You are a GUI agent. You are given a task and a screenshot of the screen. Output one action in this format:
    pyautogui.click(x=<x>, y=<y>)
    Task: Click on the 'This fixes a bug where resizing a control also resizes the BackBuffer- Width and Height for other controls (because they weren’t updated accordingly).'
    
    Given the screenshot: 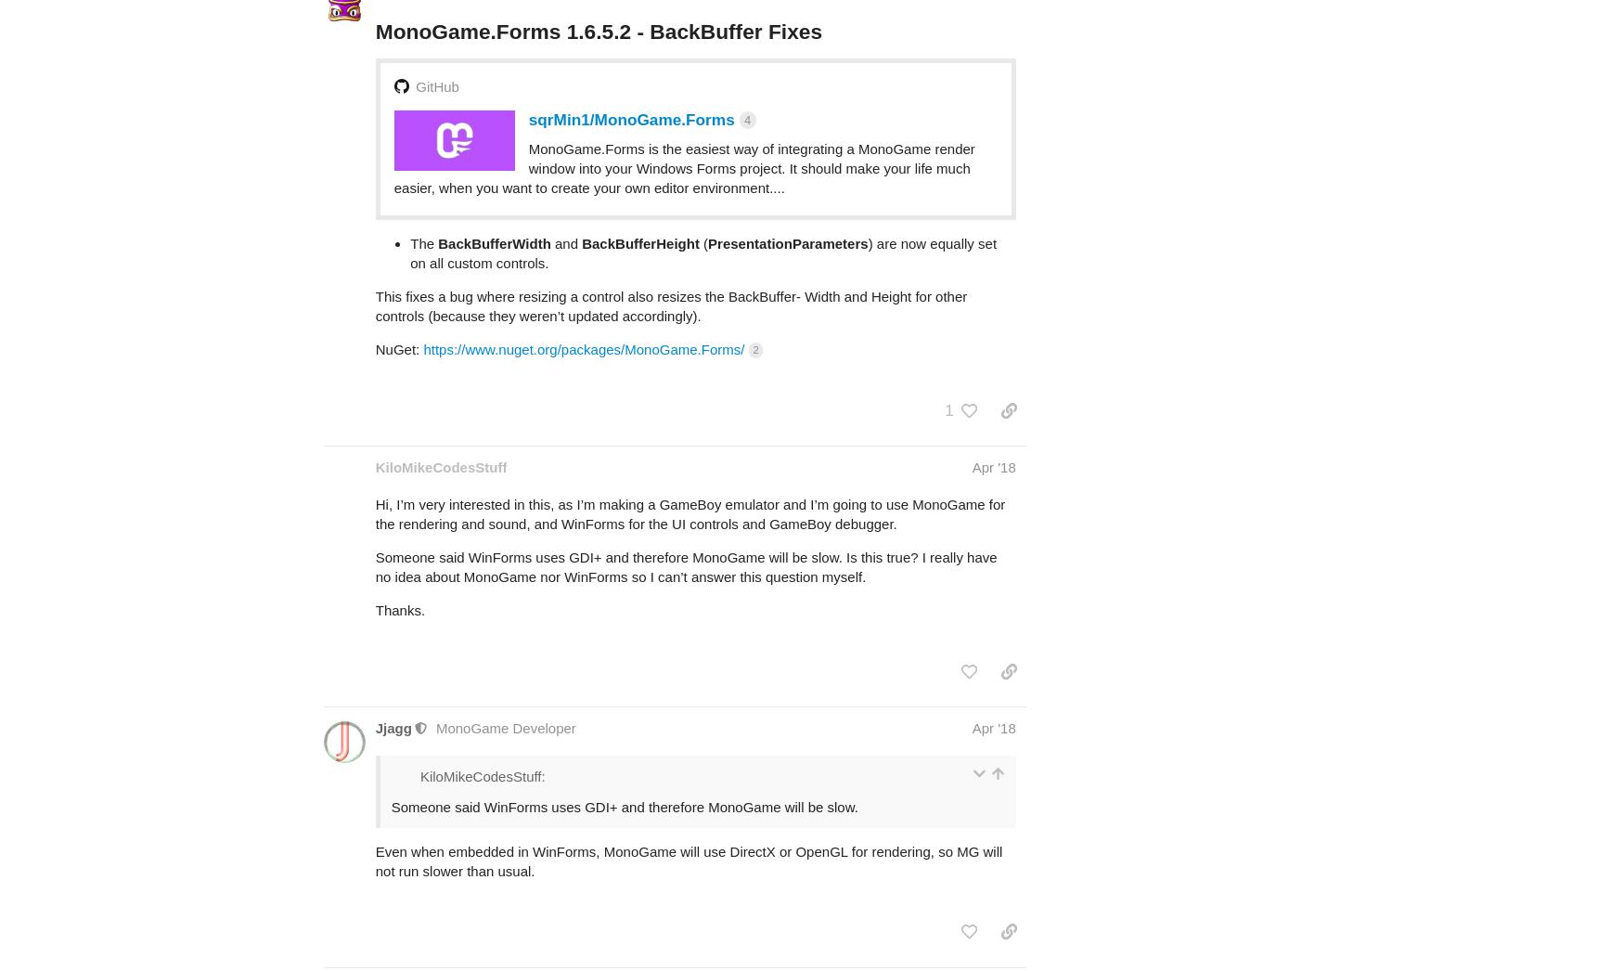 What is the action you would take?
    pyautogui.click(x=670, y=232)
    